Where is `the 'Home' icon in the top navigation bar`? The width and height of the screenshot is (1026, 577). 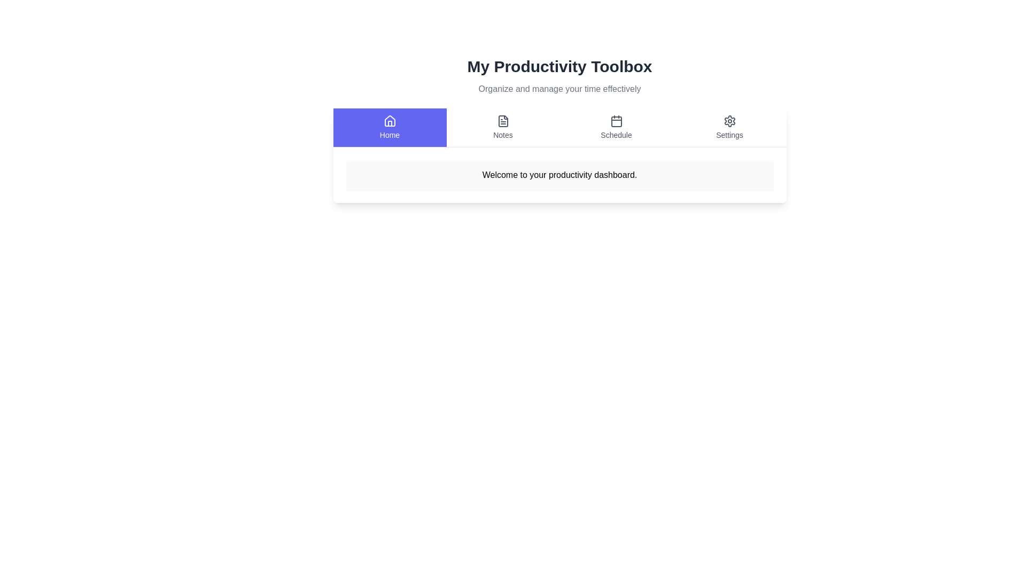
the 'Home' icon in the top navigation bar is located at coordinates (389, 121).